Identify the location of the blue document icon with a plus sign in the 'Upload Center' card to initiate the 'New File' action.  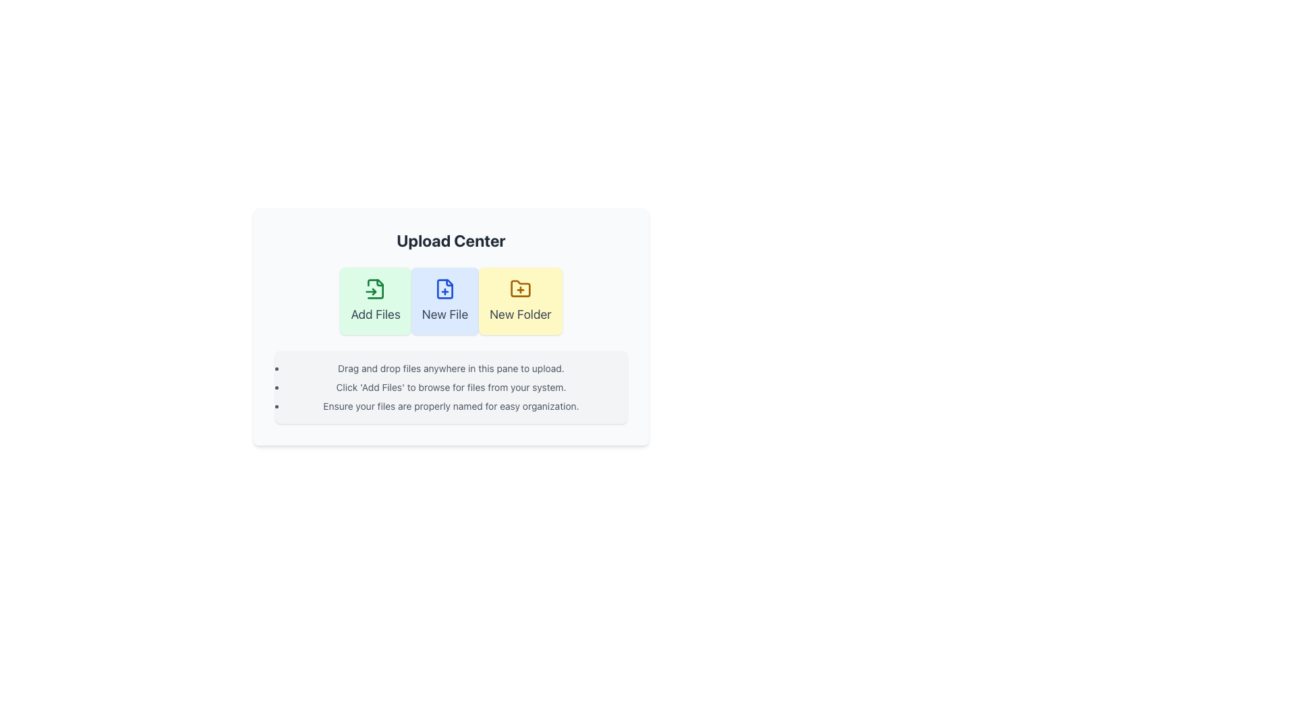
(445, 288).